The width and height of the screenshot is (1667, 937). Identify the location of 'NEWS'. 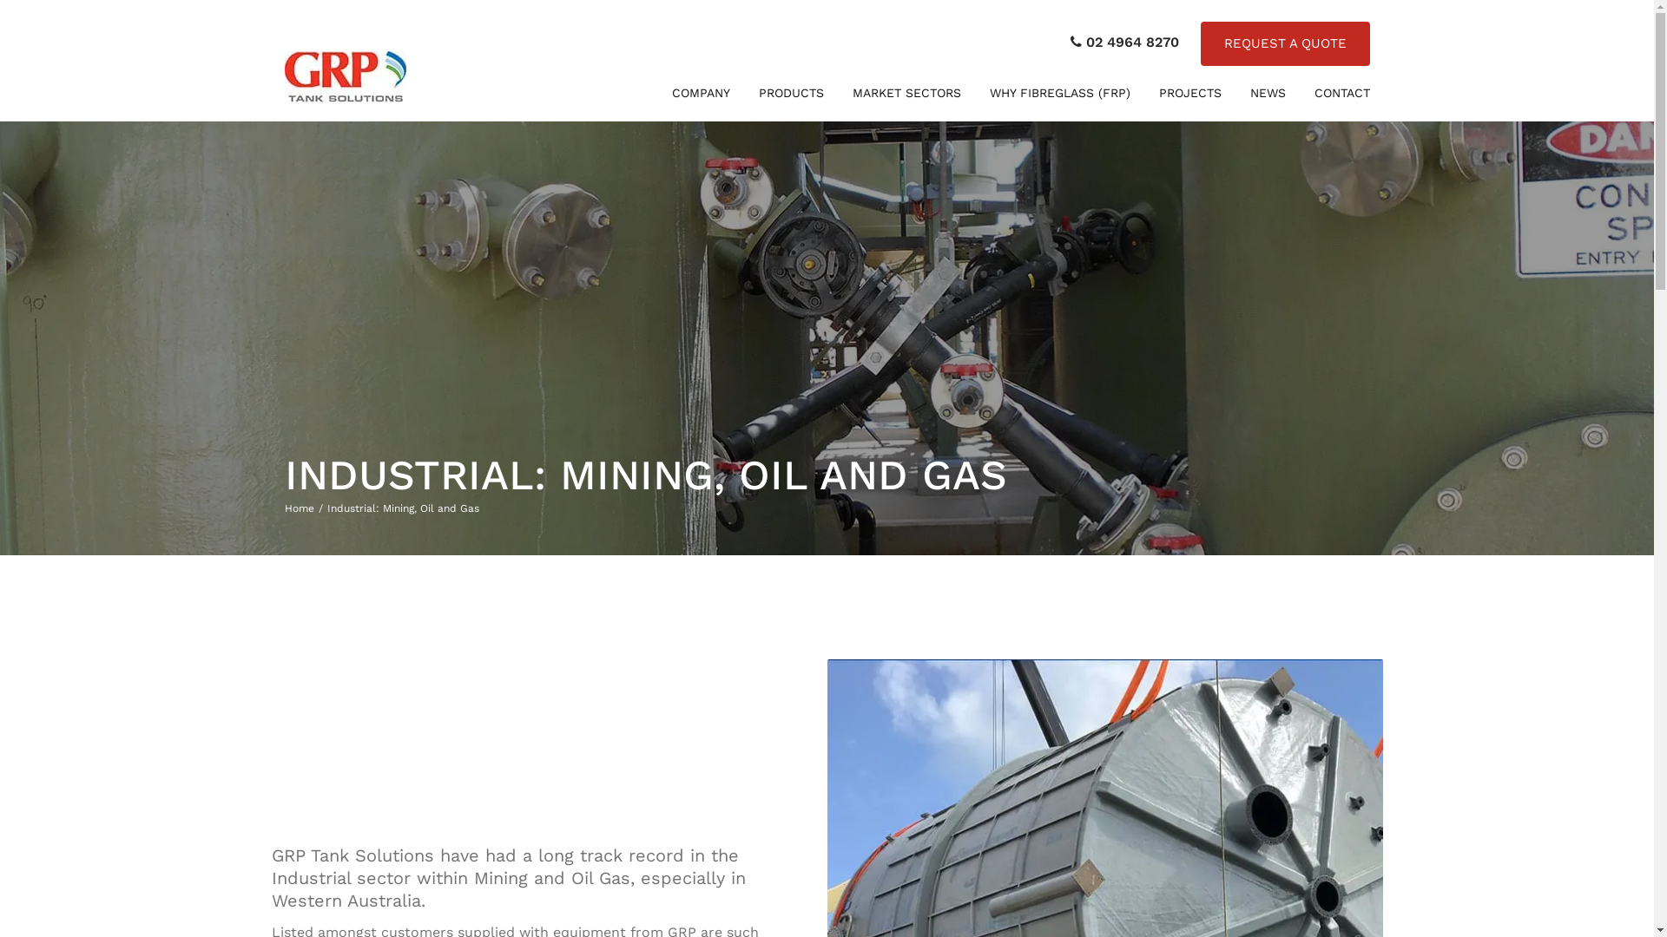
(1268, 93).